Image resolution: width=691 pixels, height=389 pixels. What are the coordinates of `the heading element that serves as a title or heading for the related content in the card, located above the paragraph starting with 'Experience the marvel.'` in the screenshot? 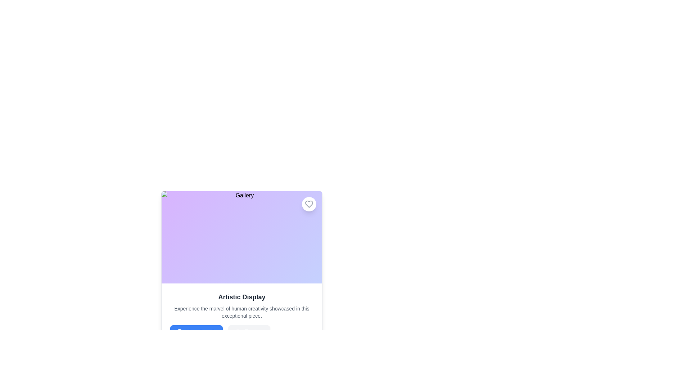 It's located at (242, 297).